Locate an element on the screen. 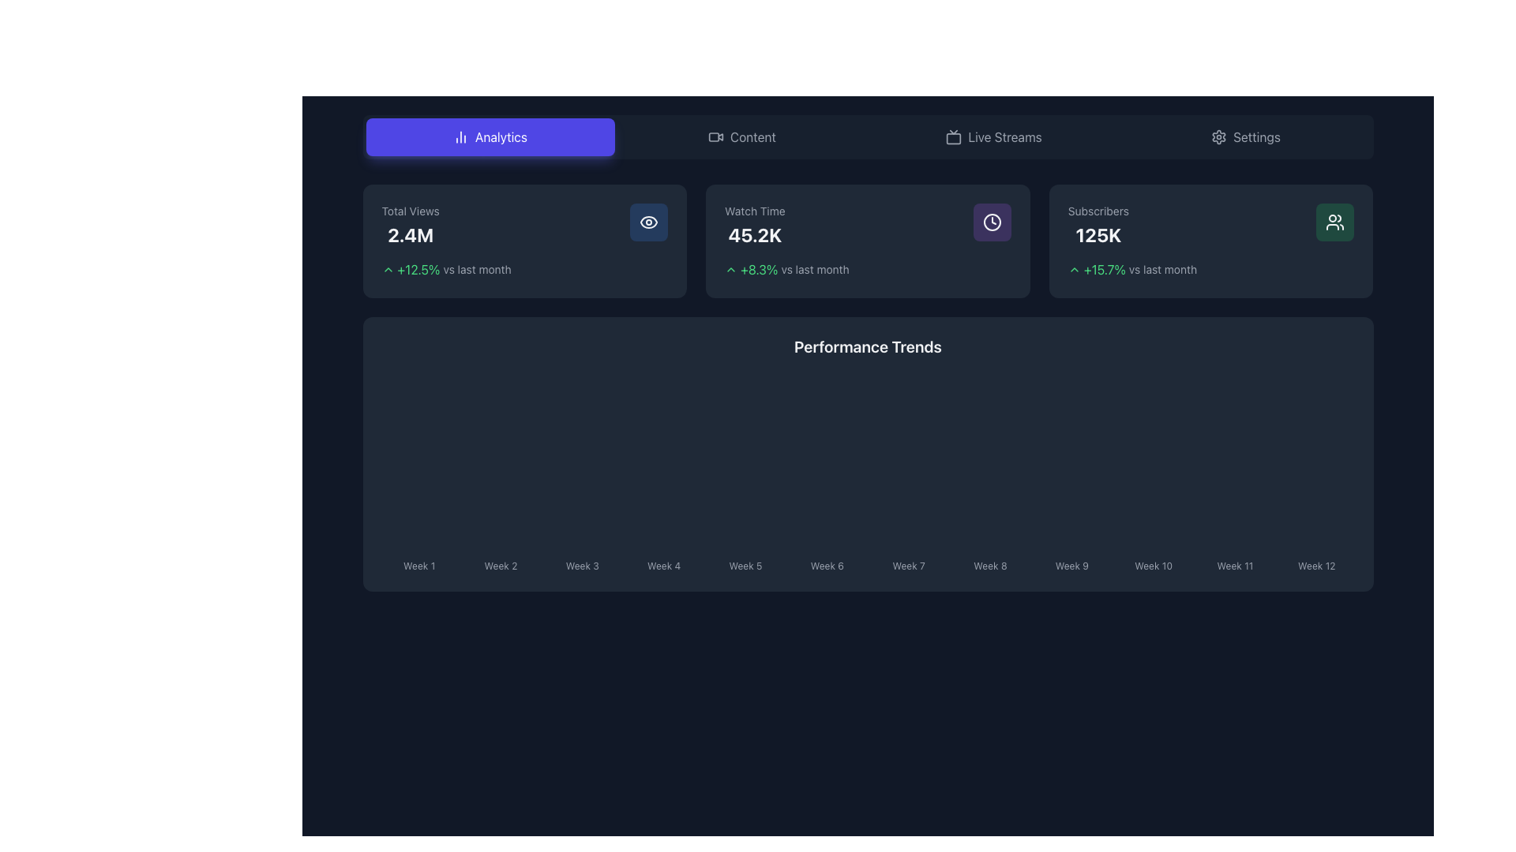 Image resolution: width=1516 pixels, height=852 pixels. the upward-facing chevron icon with a bold outline and light green color located in the 'Watch Time' section, positioned before the text '+8.3%' is located at coordinates (730, 269).